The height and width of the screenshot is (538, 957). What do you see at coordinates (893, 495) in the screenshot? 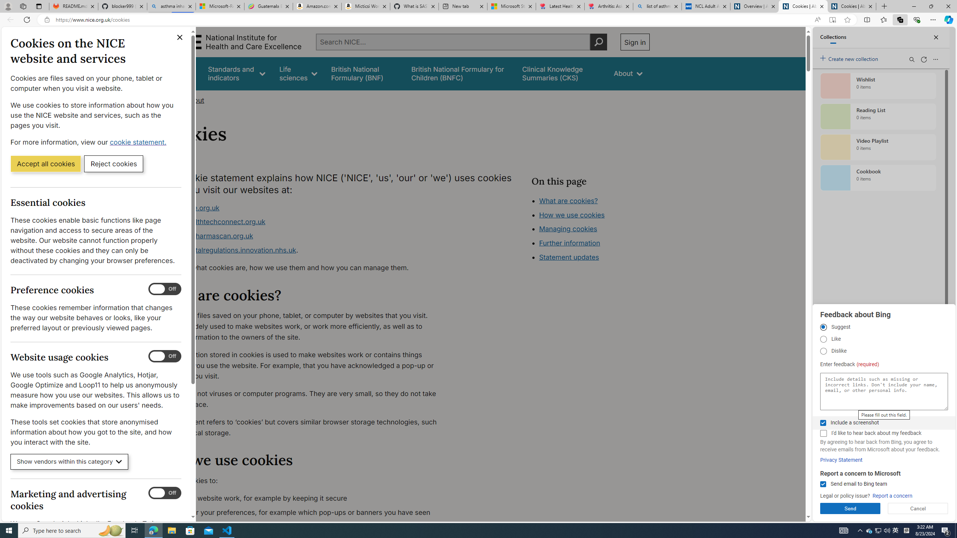
I see `'Report a concern'` at bounding box center [893, 495].